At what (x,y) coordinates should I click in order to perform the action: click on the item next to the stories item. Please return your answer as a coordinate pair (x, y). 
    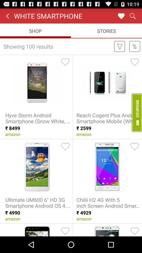
    Looking at the image, I should click on (35, 31).